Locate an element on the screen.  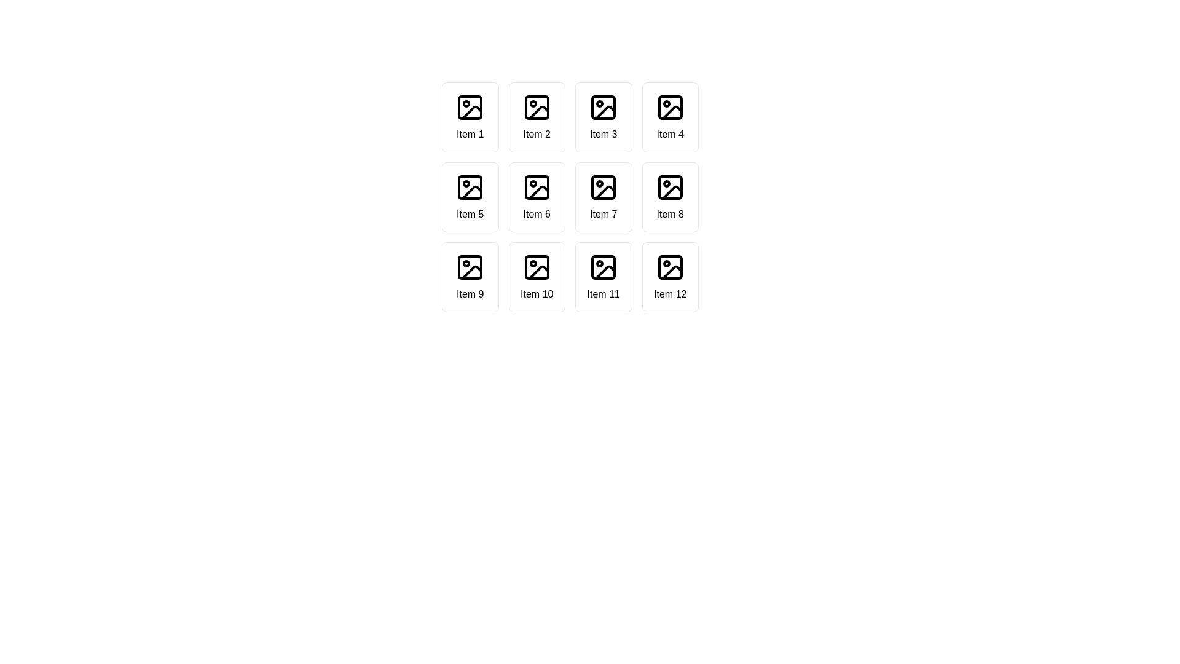
the Card UI component representing 'Item 12', which is the last item in a grid layout located in the fourth column of the fourth row is located at coordinates (669, 277).